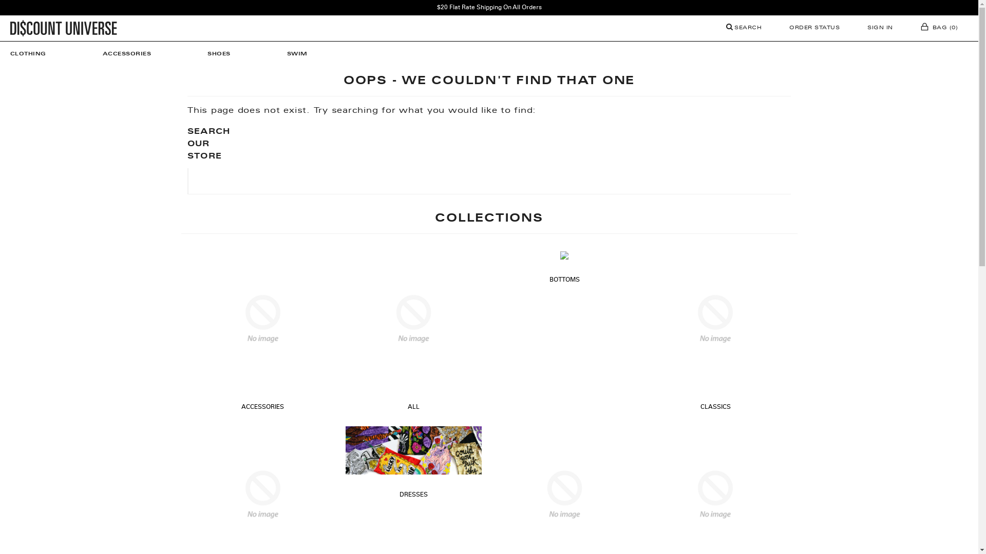 The height and width of the screenshot is (554, 986). I want to click on 'ALL', so click(413, 407).